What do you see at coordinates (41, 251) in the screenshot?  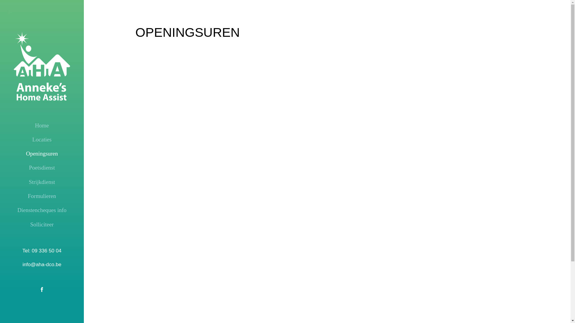 I see `'Tel: 09 336 50 04'` at bounding box center [41, 251].